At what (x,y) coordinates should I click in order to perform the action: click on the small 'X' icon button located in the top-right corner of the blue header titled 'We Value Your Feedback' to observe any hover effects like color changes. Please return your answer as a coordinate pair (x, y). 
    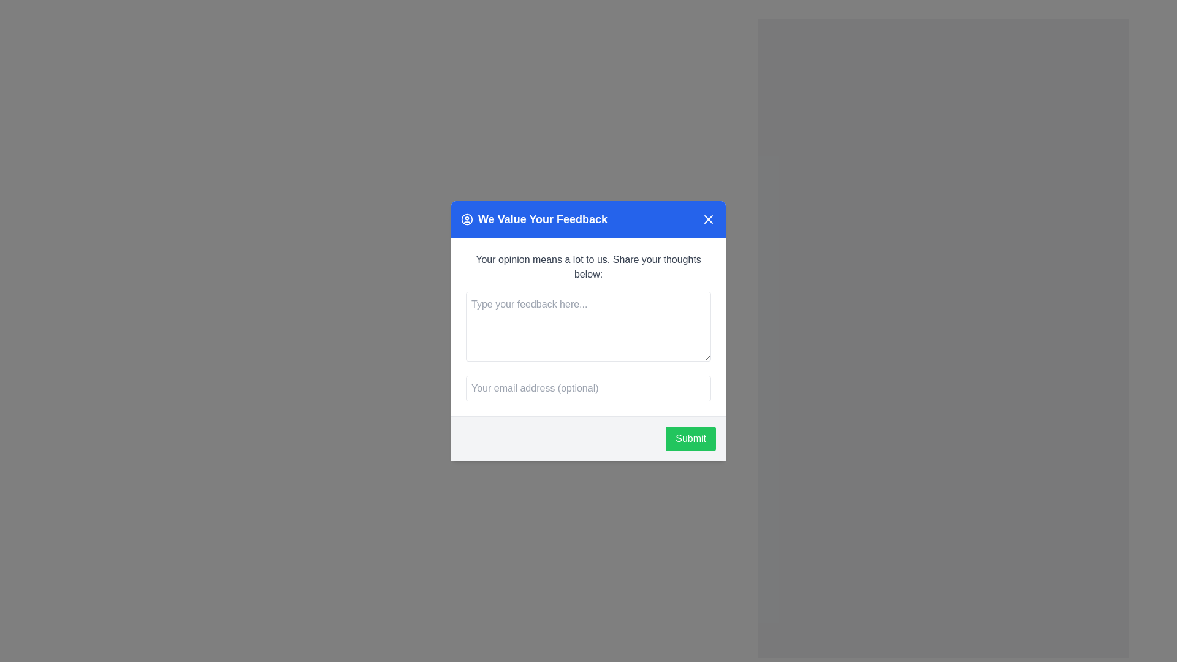
    Looking at the image, I should click on (709, 219).